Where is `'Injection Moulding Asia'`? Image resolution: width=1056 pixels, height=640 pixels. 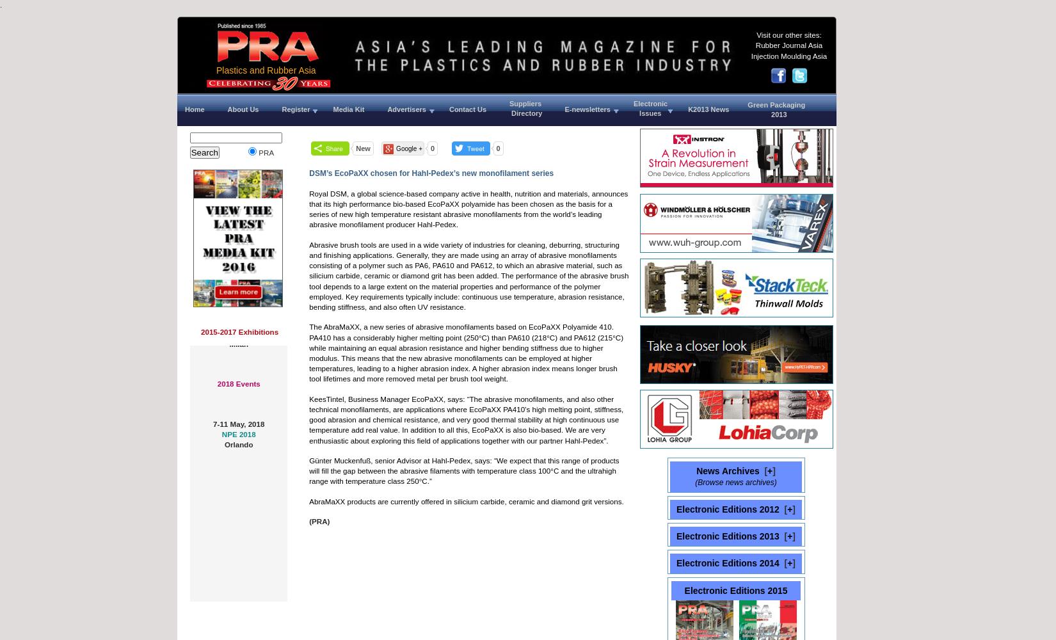
'Injection Moulding Asia' is located at coordinates (788, 54).